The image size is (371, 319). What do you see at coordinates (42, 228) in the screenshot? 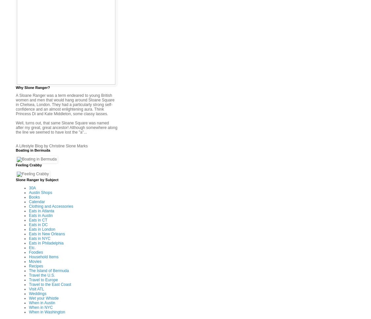
I see `'Eats in London'` at bounding box center [42, 228].